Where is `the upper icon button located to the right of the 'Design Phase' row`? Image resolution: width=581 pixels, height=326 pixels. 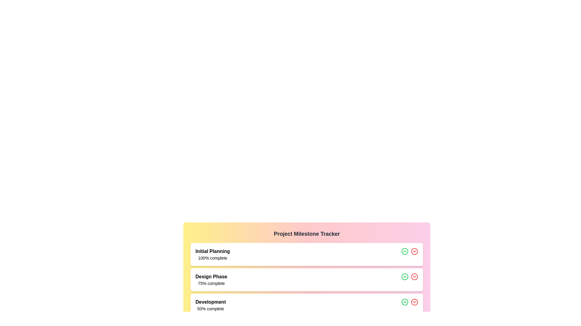
the upper icon button located to the right of the 'Design Phase' row is located at coordinates (405, 251).